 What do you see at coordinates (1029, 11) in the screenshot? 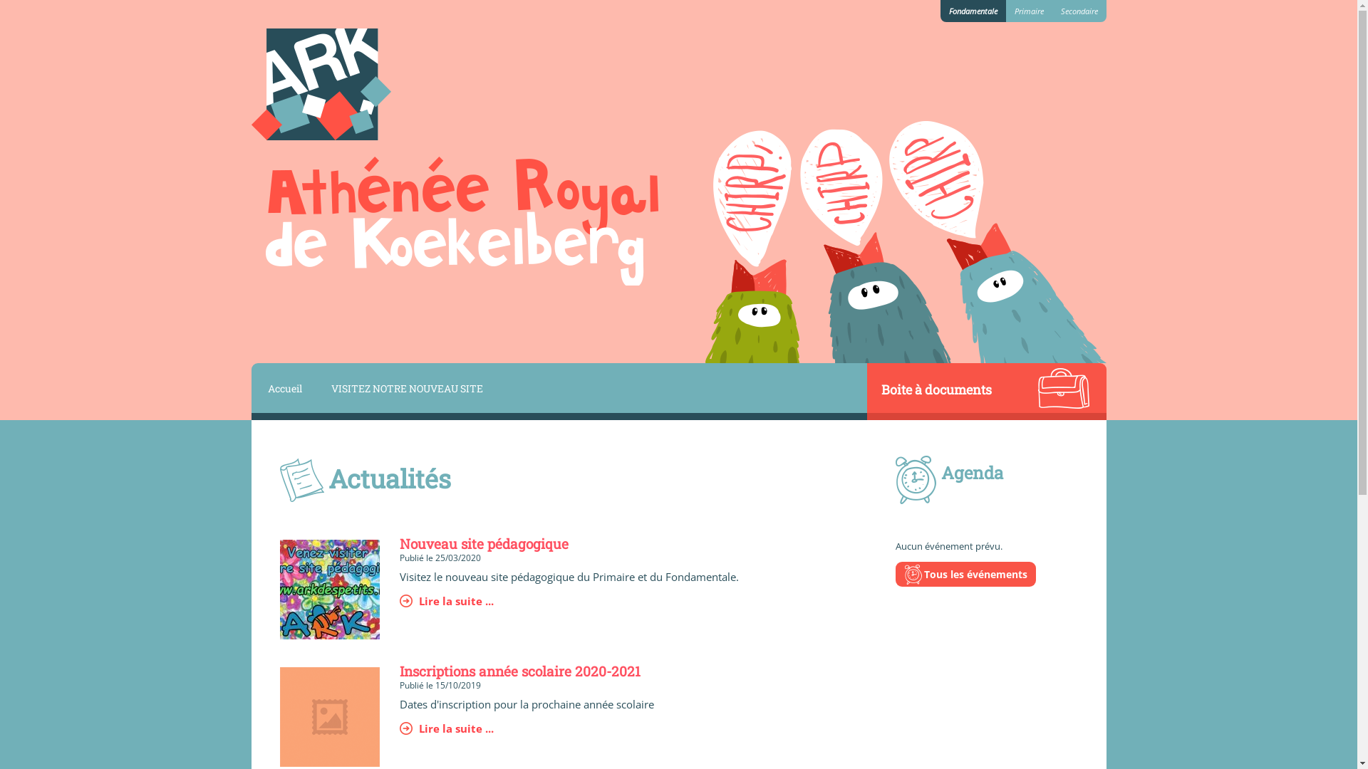
I see `'Primaire'` at bounding box center [1029, 11].